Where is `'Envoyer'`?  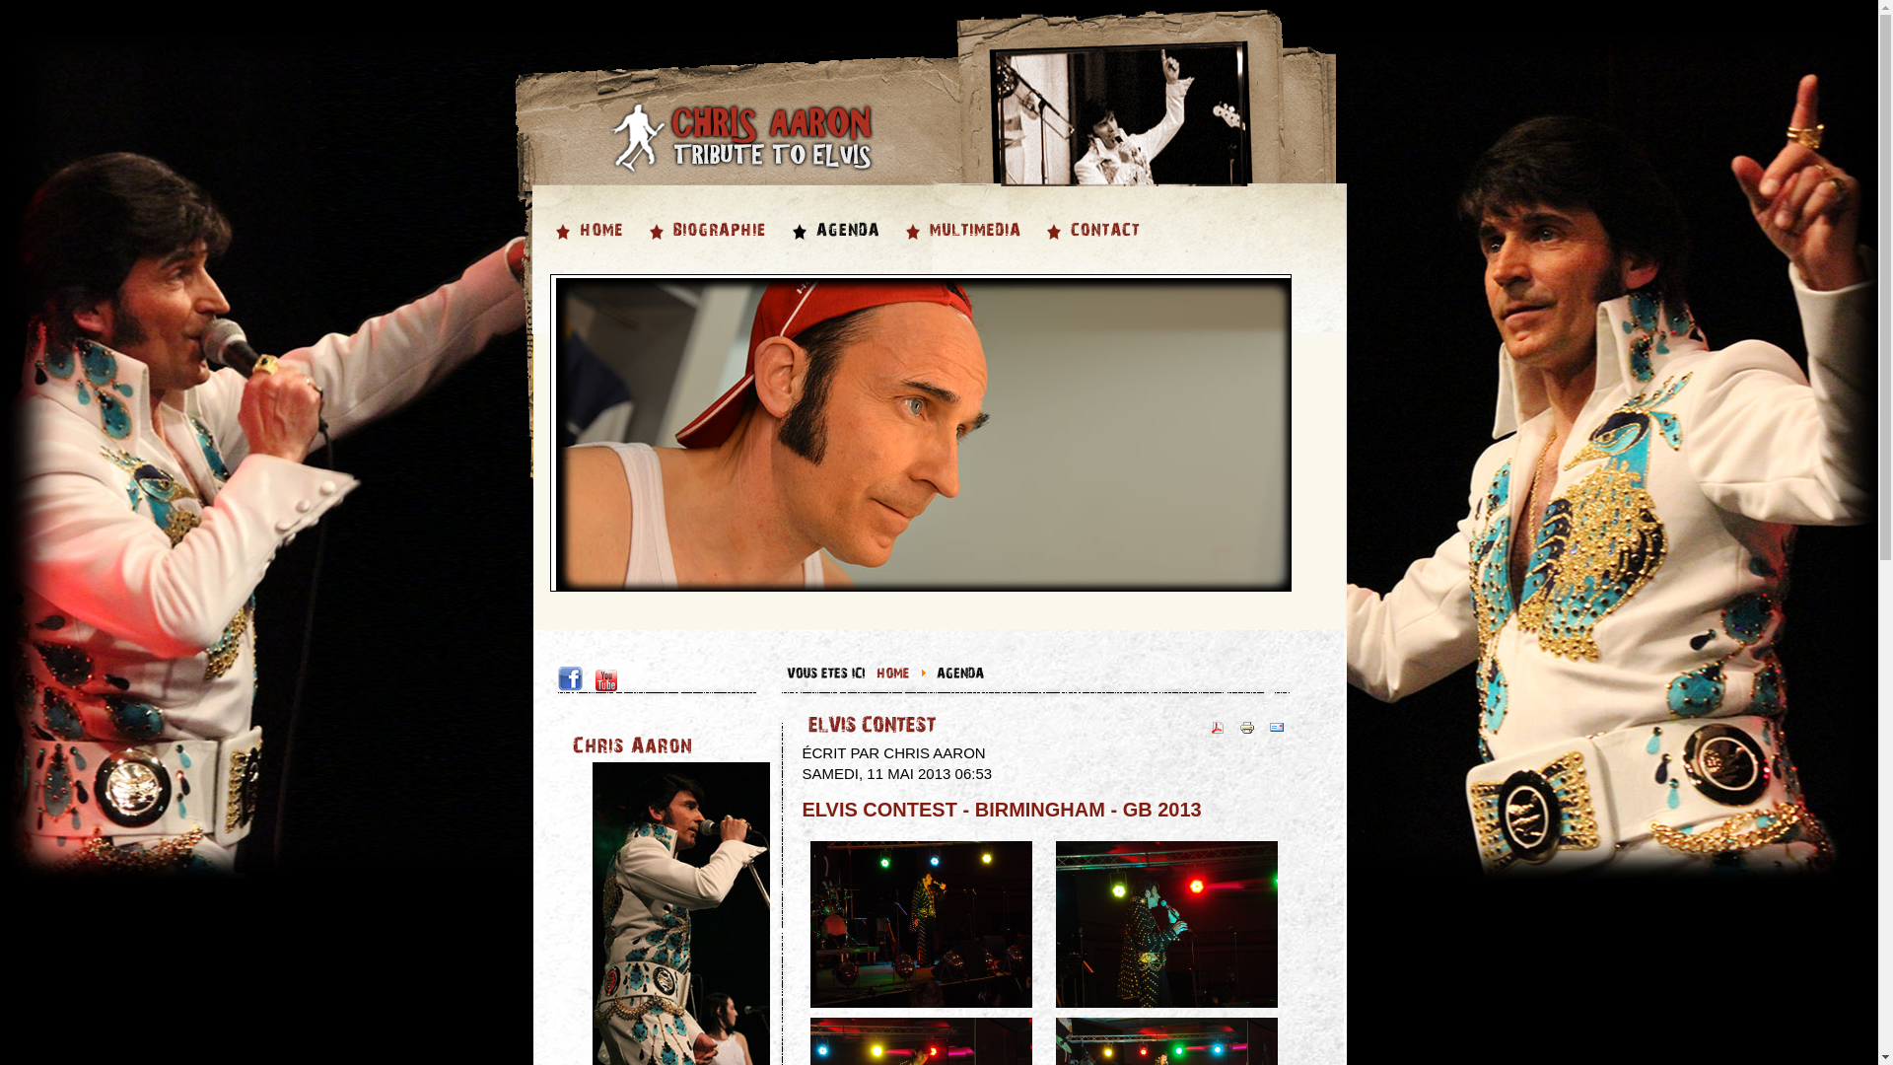
'Envoyer' is located at coordinates (1277, 733).